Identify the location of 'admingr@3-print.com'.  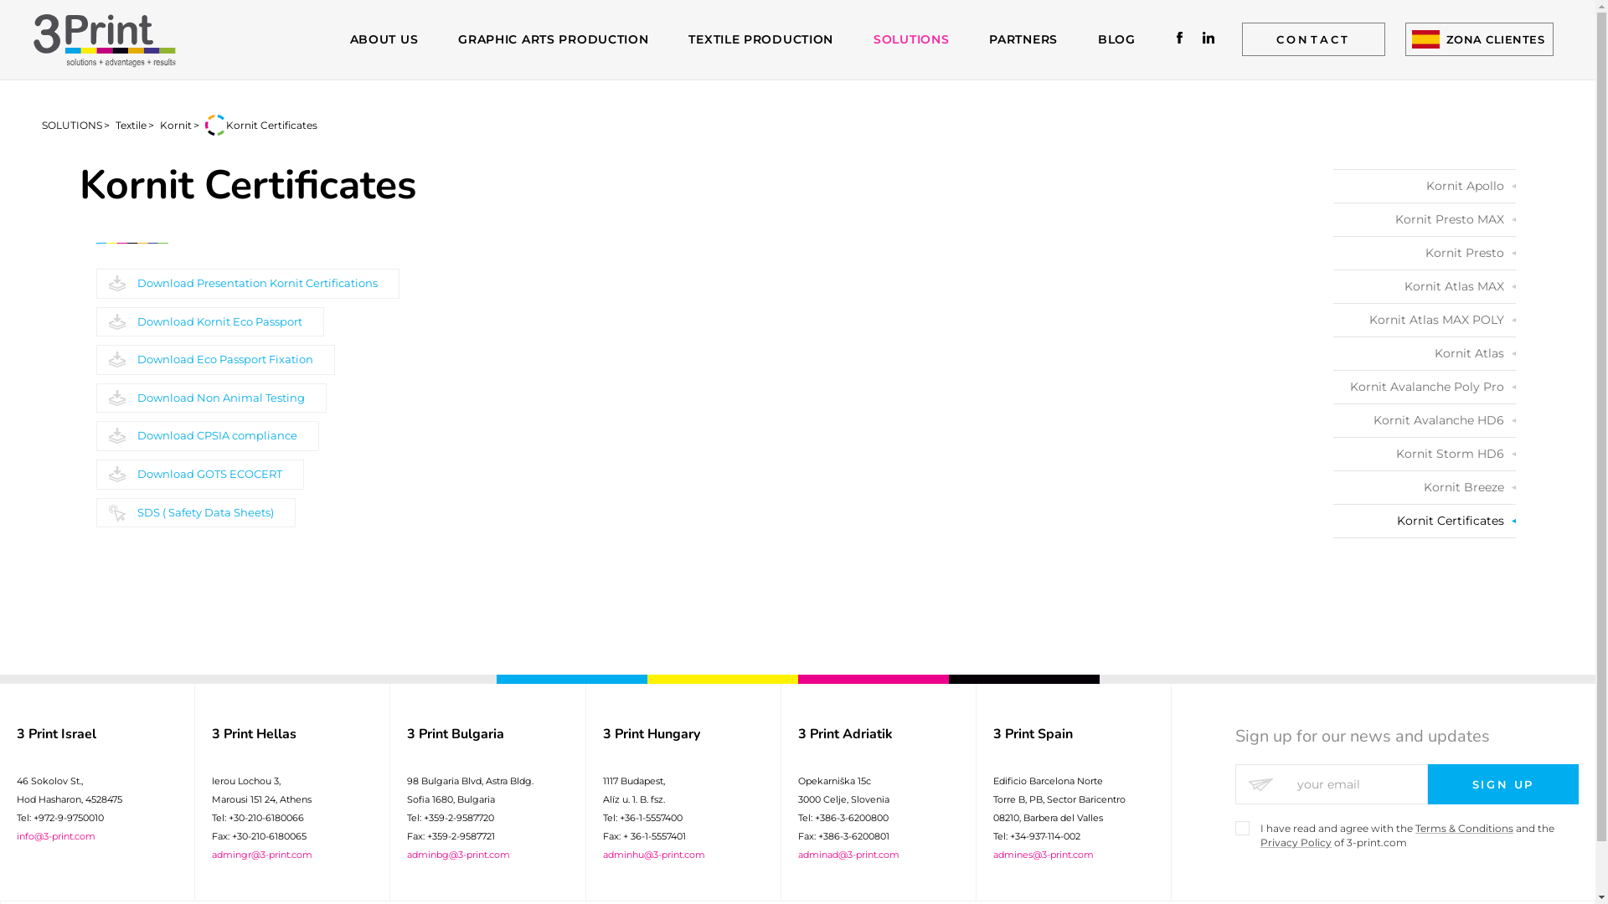
(260, 855).